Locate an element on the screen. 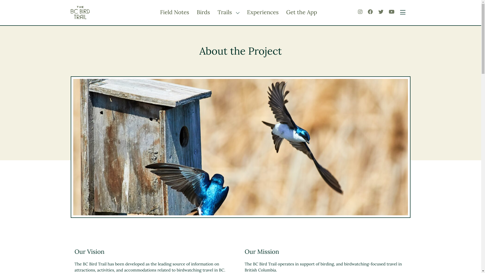 Image resolution: width=485 pixels, height=273 pixels. 'BC Bird Trail Youtube Account' is located at coordinates (391, 12).